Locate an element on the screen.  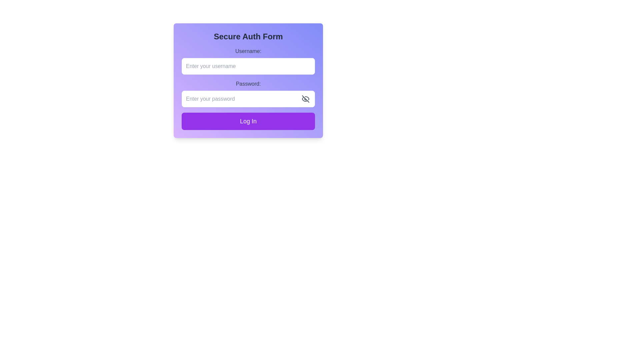
the button that toggles the visibility of the password in the adjacent input field is located at coordinates (305, 99).